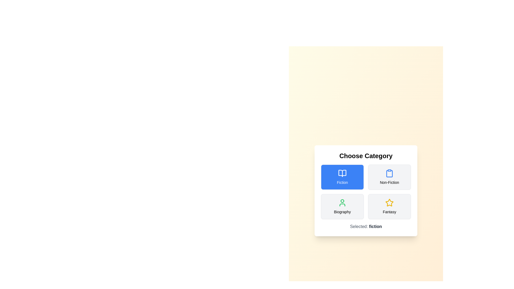 Image resolution: width=514 pixels, height=289 pixels. I want to click on the category Non-Fiction by clicking its button, so click(389, 177).